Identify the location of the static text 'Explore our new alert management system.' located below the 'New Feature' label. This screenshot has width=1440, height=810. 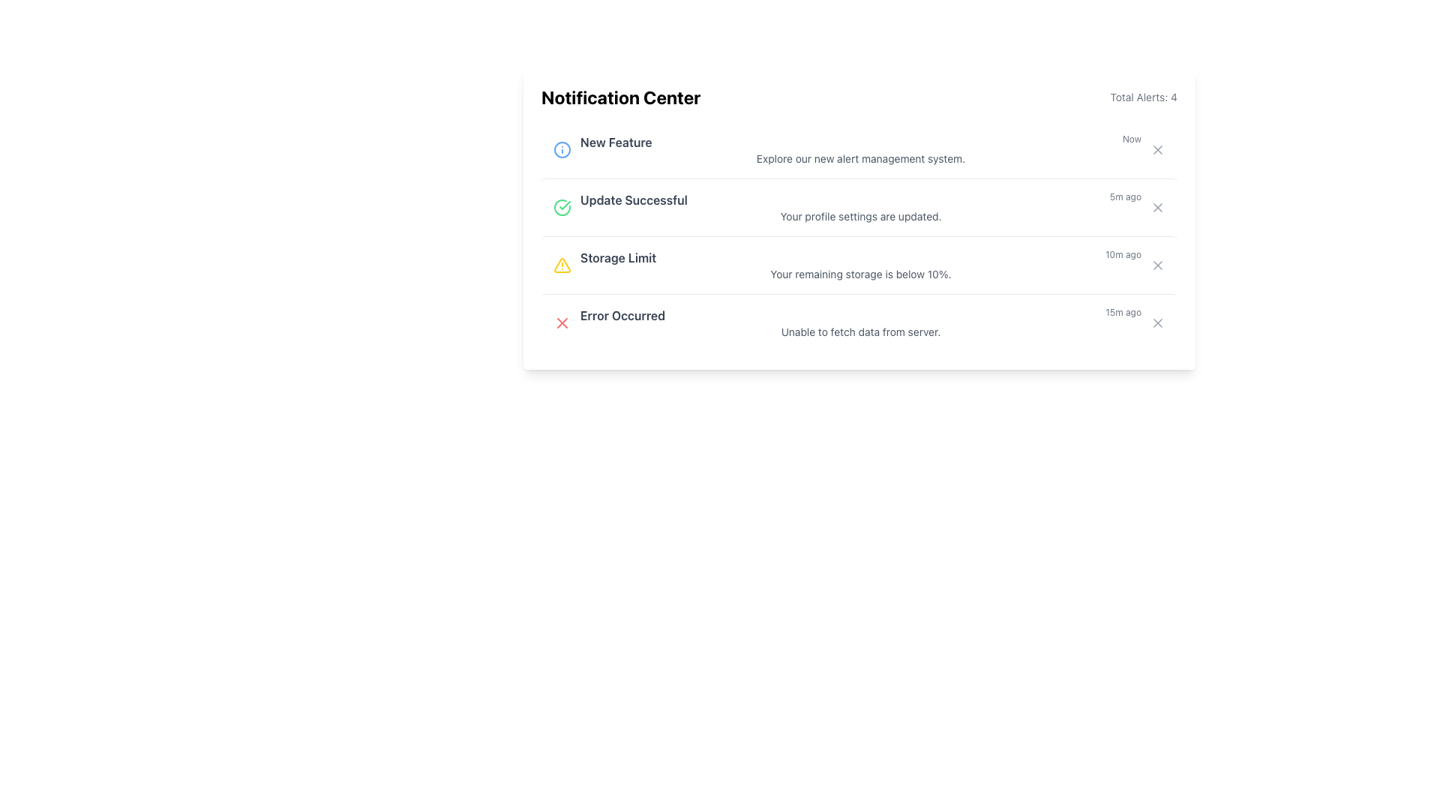
(860, 159).